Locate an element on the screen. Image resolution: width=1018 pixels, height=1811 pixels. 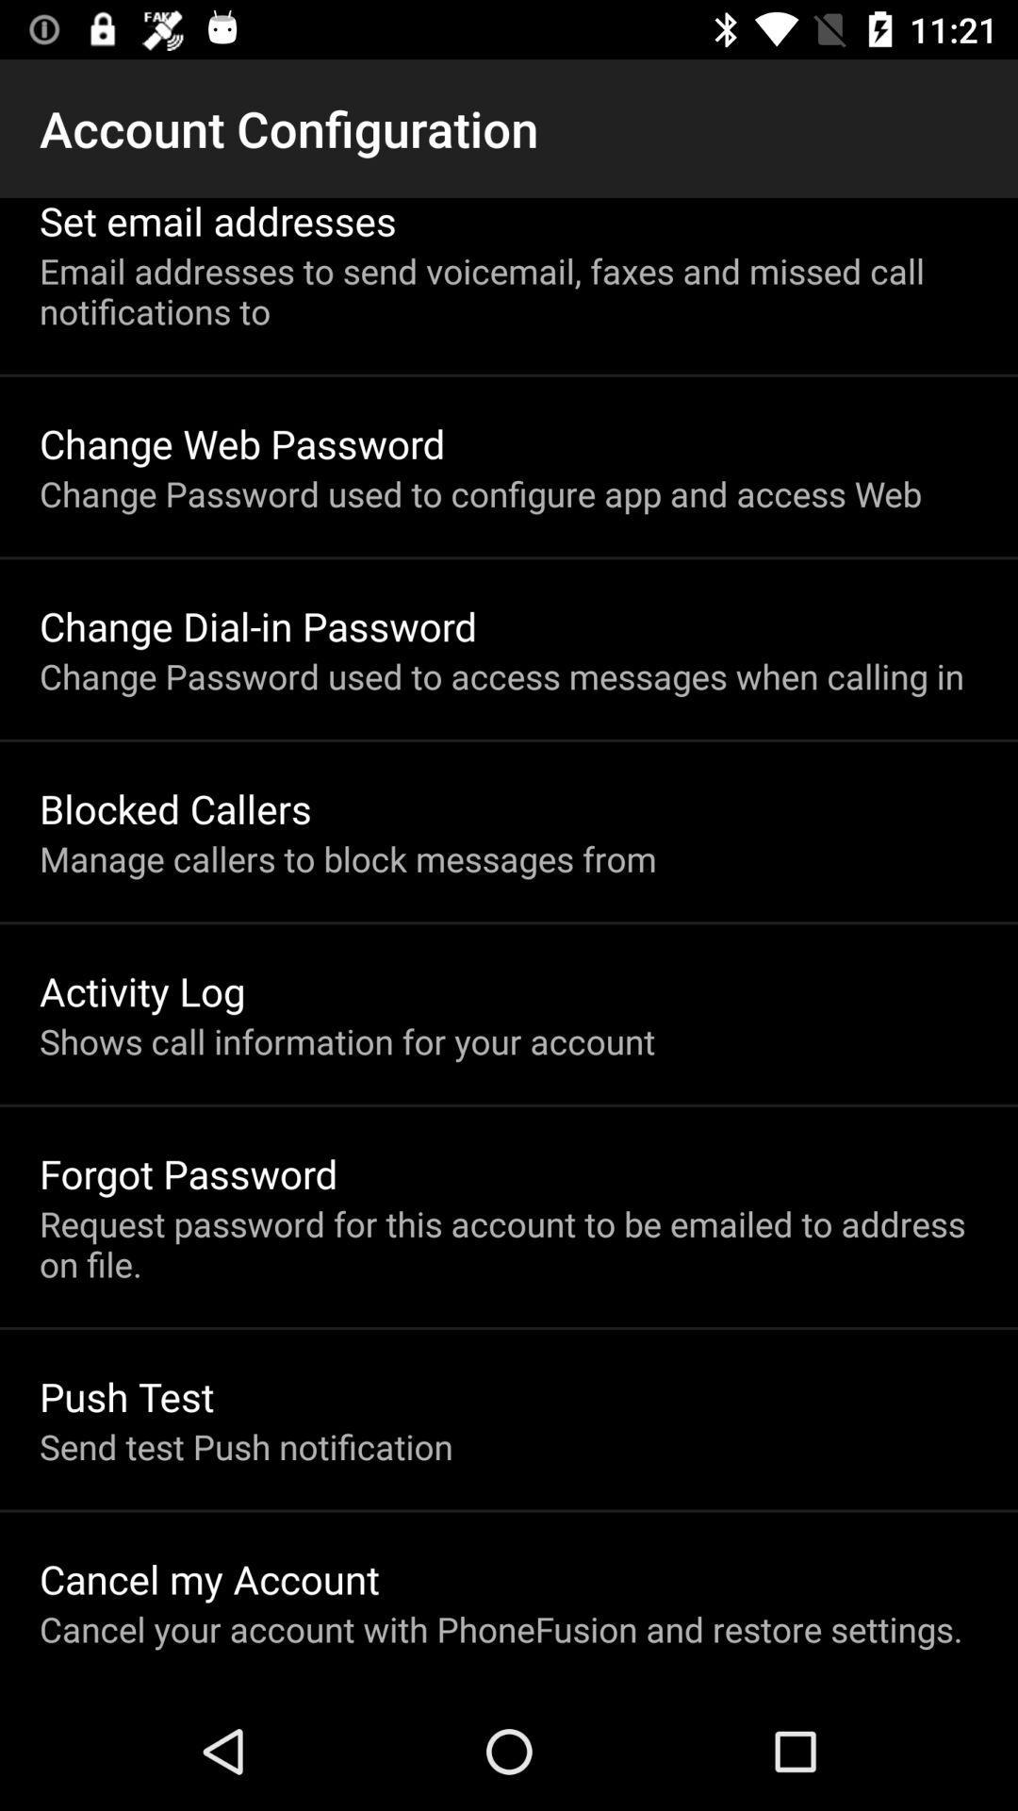
the item below the manage callers to is located at coordinates (141, 989).